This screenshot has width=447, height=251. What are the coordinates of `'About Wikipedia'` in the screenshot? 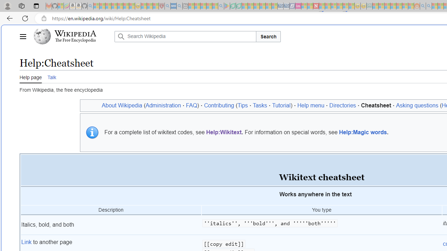 It's located at (122, 105).